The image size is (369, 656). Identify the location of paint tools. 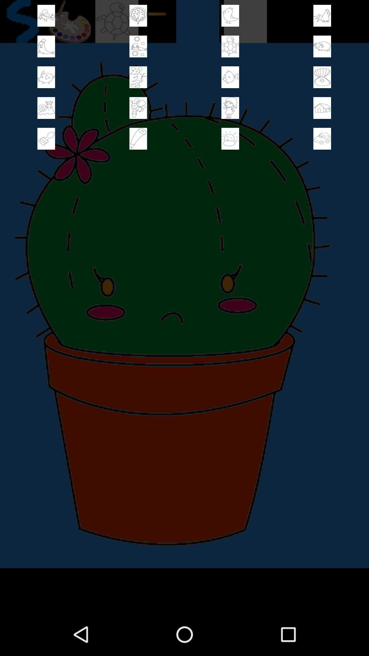
(230, 108).